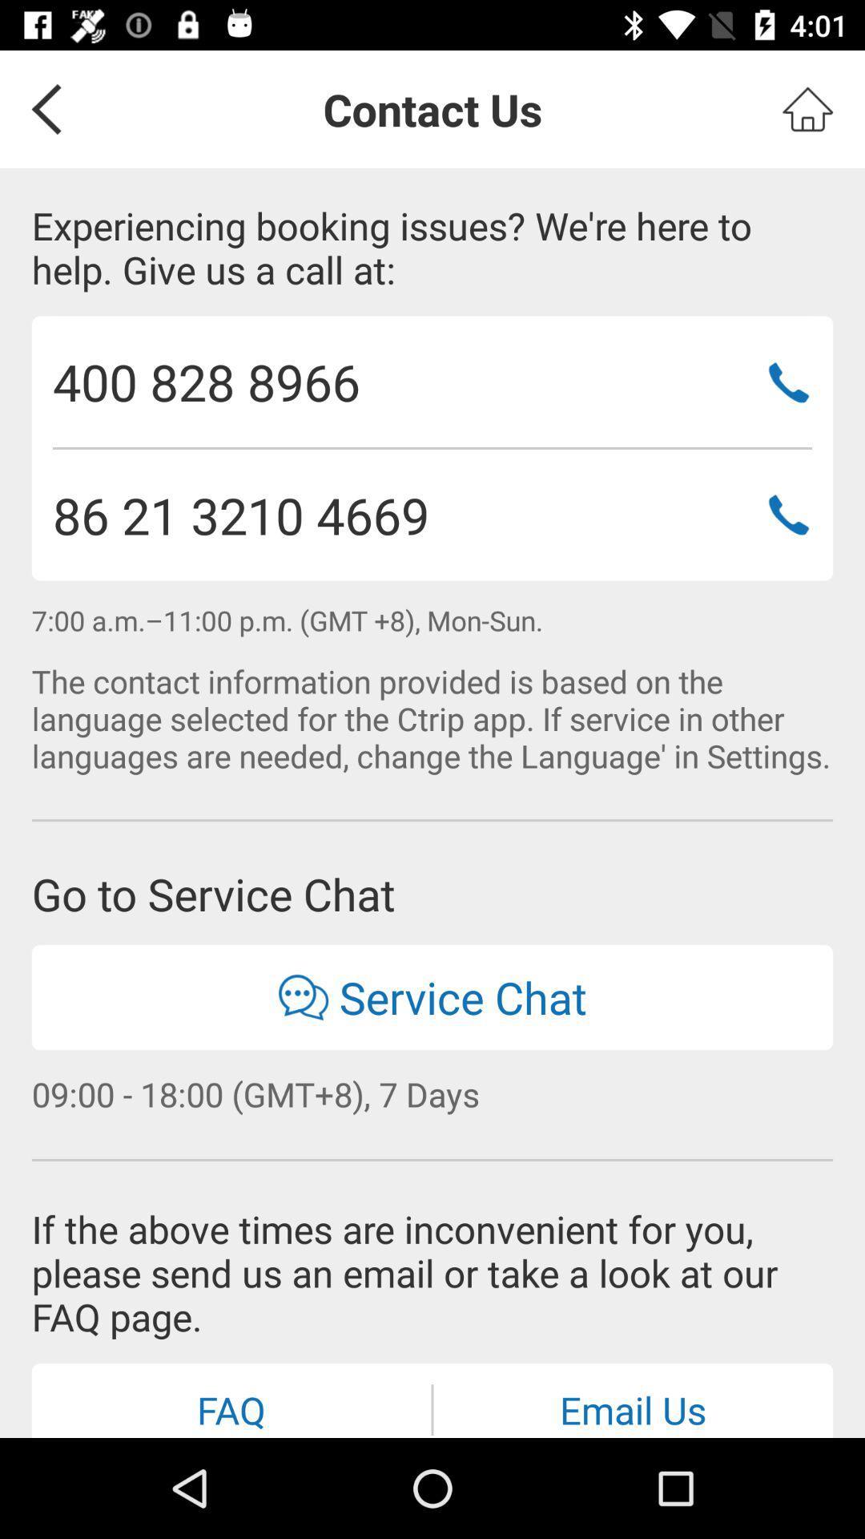 The height and width of the screenshot is (1539, 865). What do you see at coordinates (807, 108) in the screenshot?
I see `the home icon` at bounding box center [807, 108].